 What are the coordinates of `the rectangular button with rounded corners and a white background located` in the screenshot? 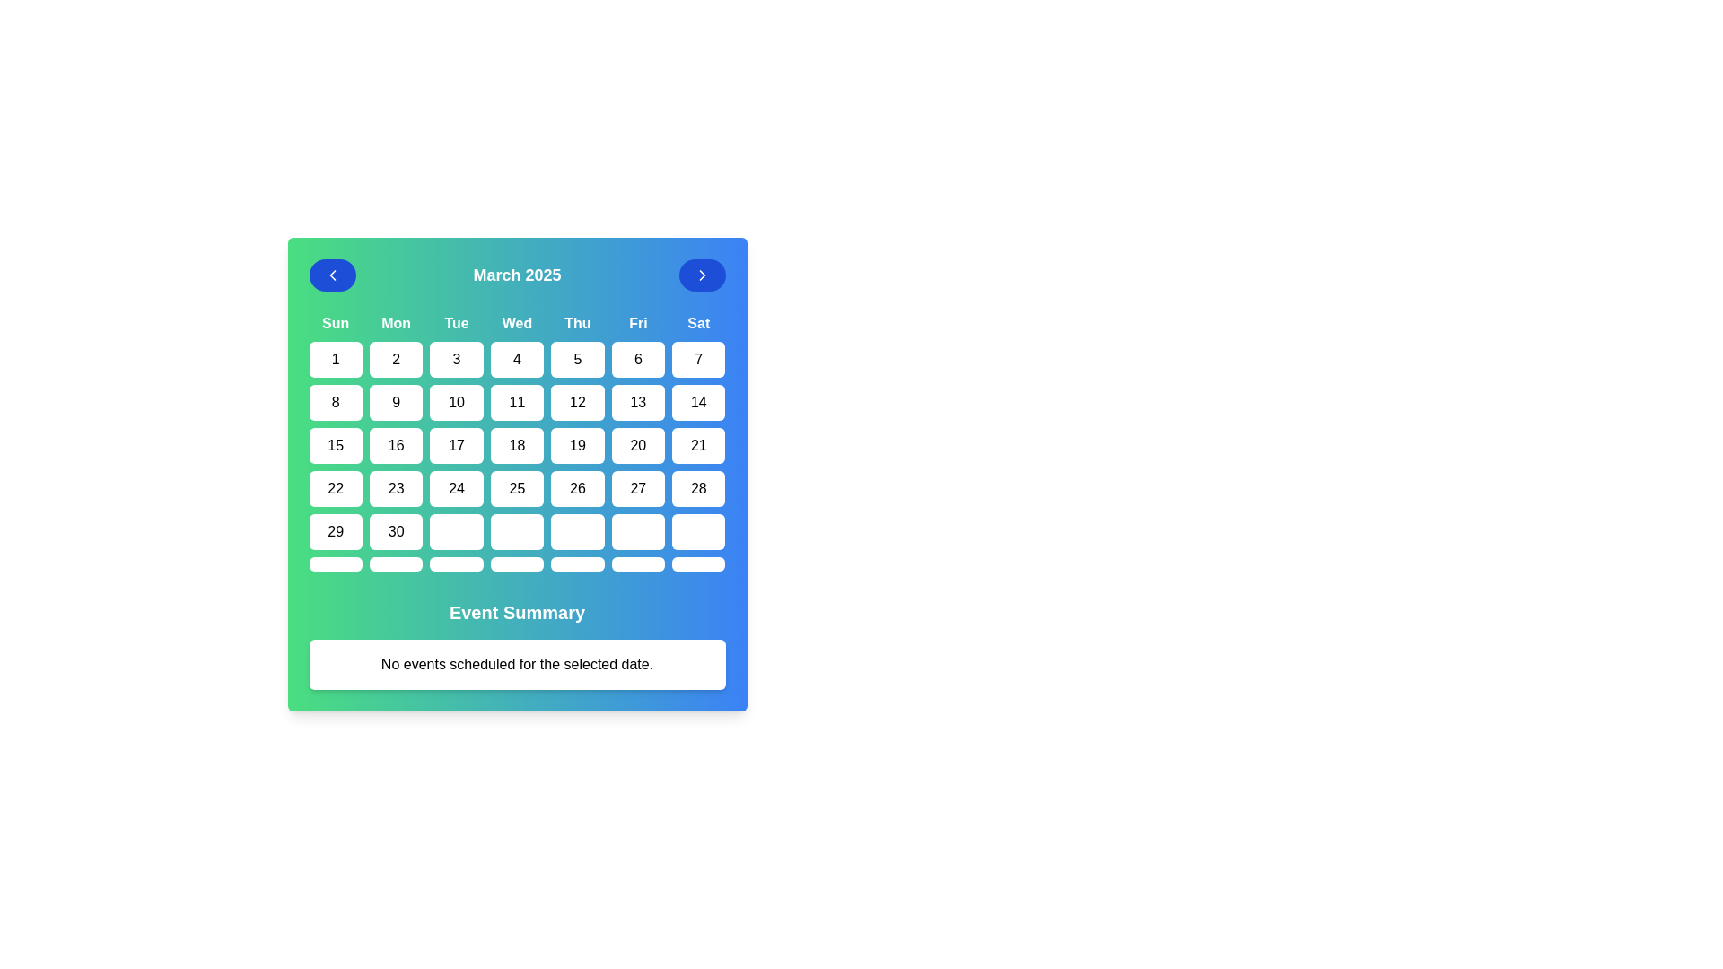 It's located at (638, 531).